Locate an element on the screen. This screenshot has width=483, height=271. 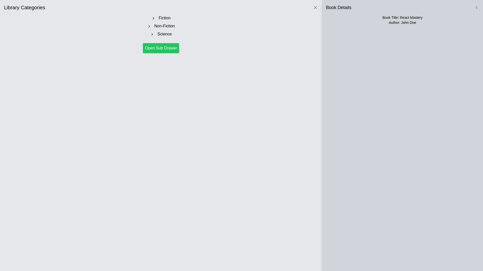
the chevron right navigation indicator located to the left of the 'Non-Fiction' text is located at coordinates (149, 26).